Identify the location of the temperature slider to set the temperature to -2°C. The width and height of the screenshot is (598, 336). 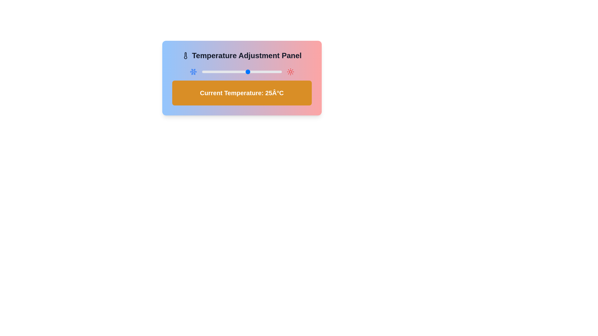
(212, 72).